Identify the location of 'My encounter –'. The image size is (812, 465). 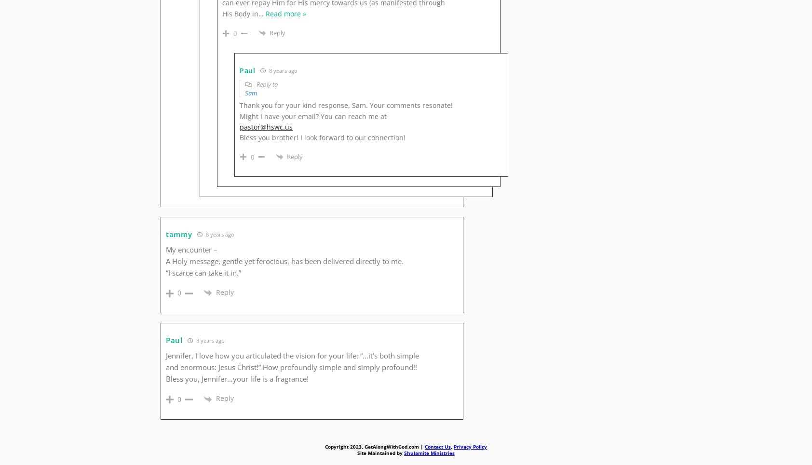
(191, 250).